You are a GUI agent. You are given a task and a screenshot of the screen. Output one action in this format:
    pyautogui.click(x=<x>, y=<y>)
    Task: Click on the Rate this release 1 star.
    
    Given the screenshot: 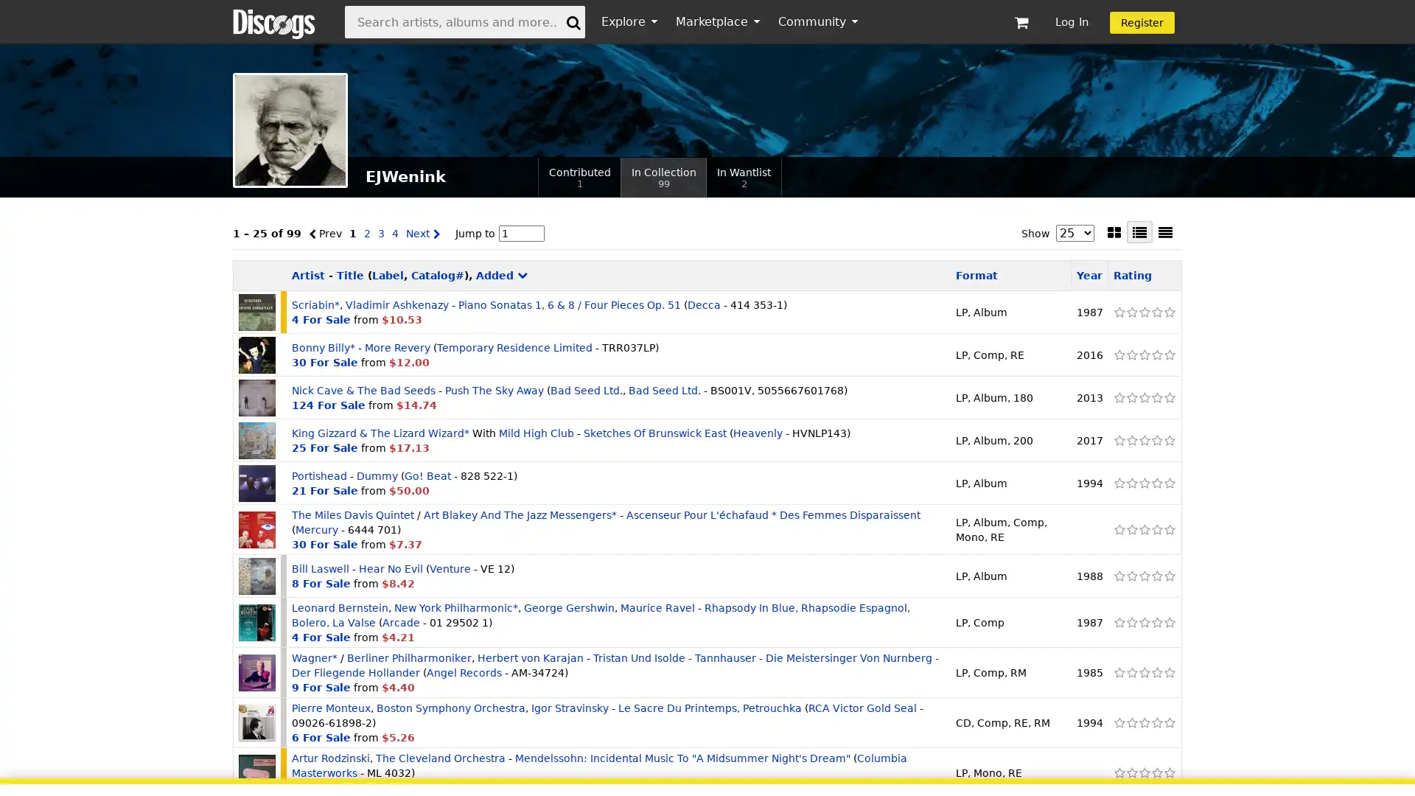 What is the action you would take?
    pyautogui.click(x=1119, y=398)
    